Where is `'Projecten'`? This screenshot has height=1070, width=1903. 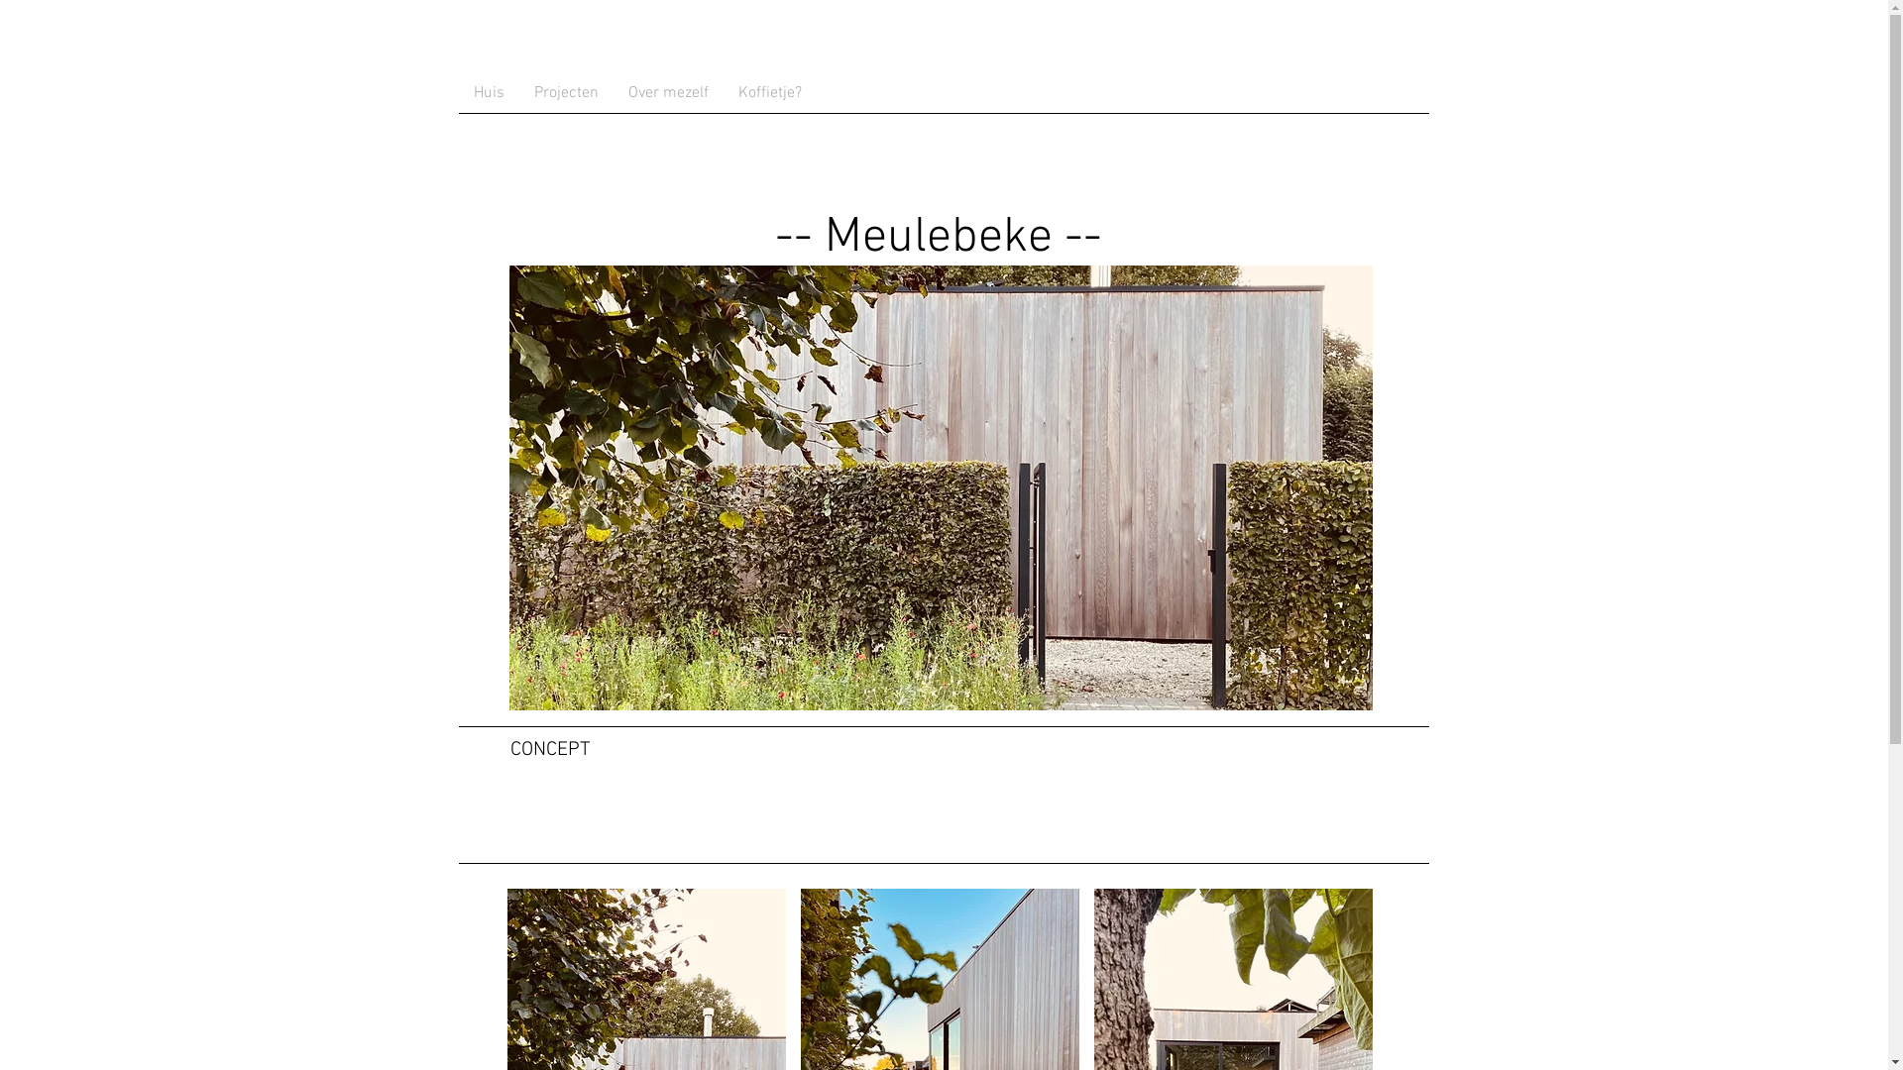
'Projecten' is located at coordinates (565, 92).